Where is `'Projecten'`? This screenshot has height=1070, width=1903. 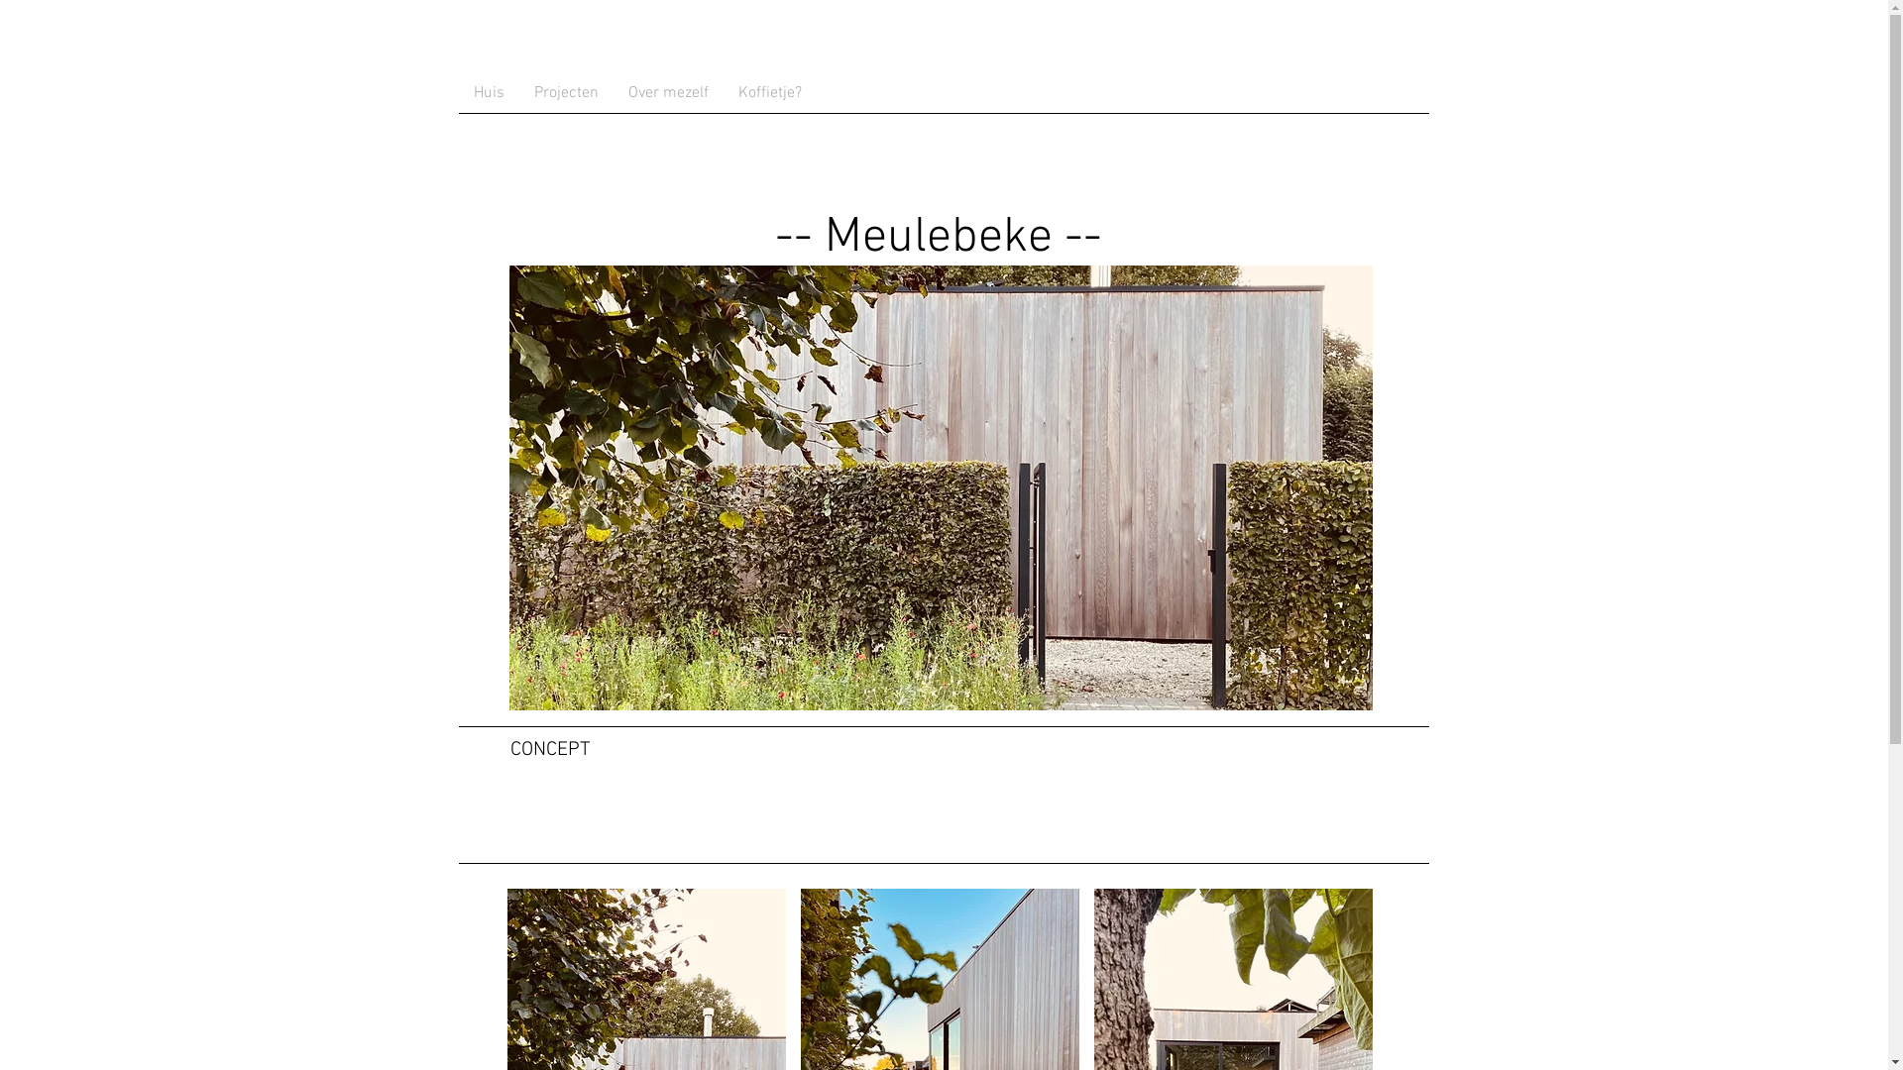
'Projecten' is located at coordinates (565, 92).